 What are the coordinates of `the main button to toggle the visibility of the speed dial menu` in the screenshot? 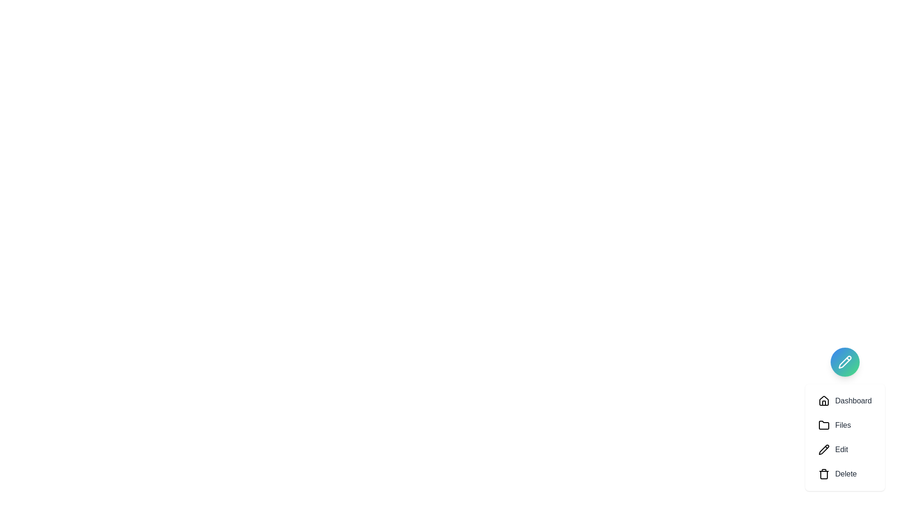 It's located at (845, 361).